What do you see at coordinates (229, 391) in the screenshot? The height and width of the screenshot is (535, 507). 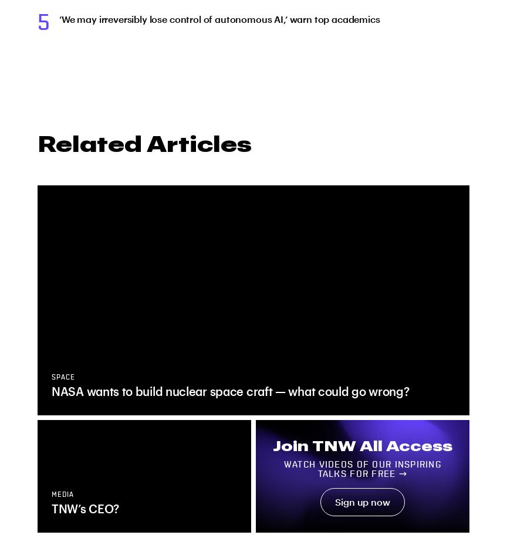 I see `'NASA wants to build nuclear space craft — what could go wrong?'` at bounding box center [229, 391].